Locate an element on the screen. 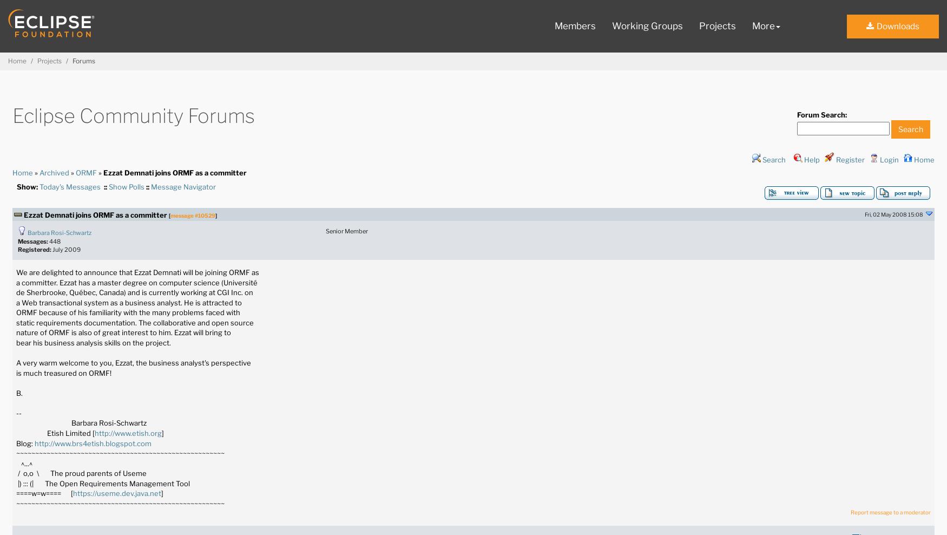  'is much treasured on ORMF!' is located at coordinates (15, 373).